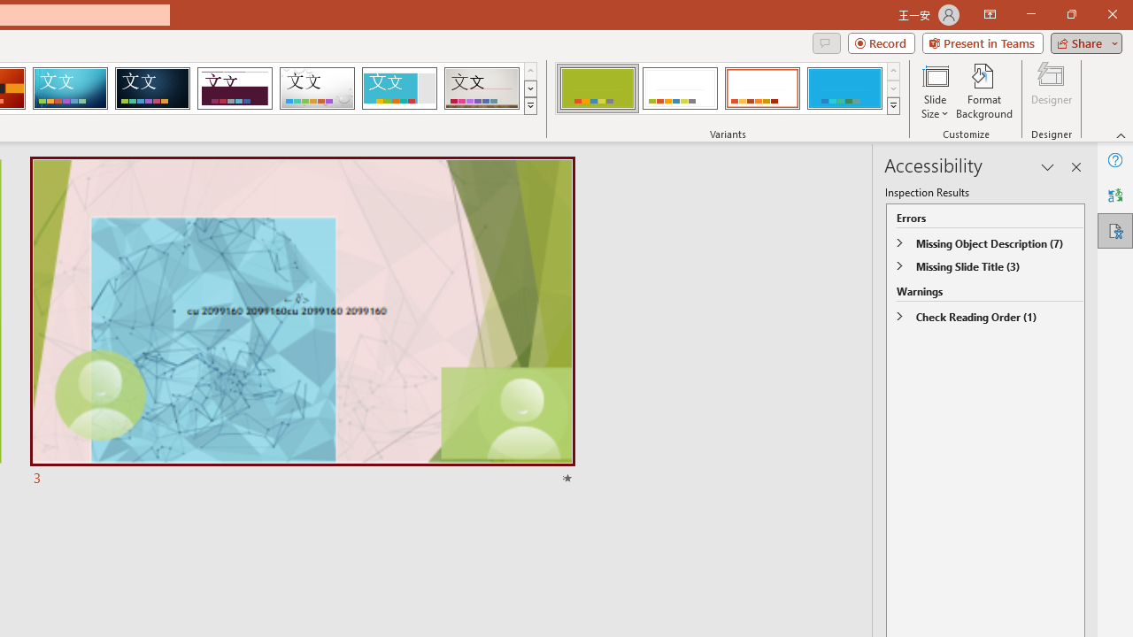 This screenshot has width=1133, height=637. Describe the element at coordinates (70, 88) in the screenshot. I see `'Circuit'` at that location.